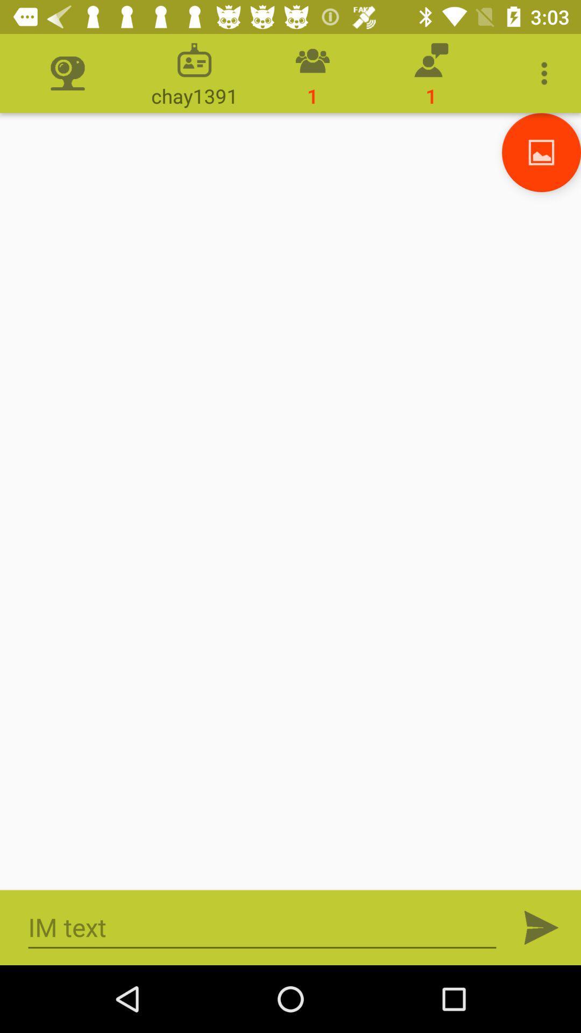  What do you see at coordinates (262, 927) in the screenshot?
I see `open text box` at bounding box center [262, 927].